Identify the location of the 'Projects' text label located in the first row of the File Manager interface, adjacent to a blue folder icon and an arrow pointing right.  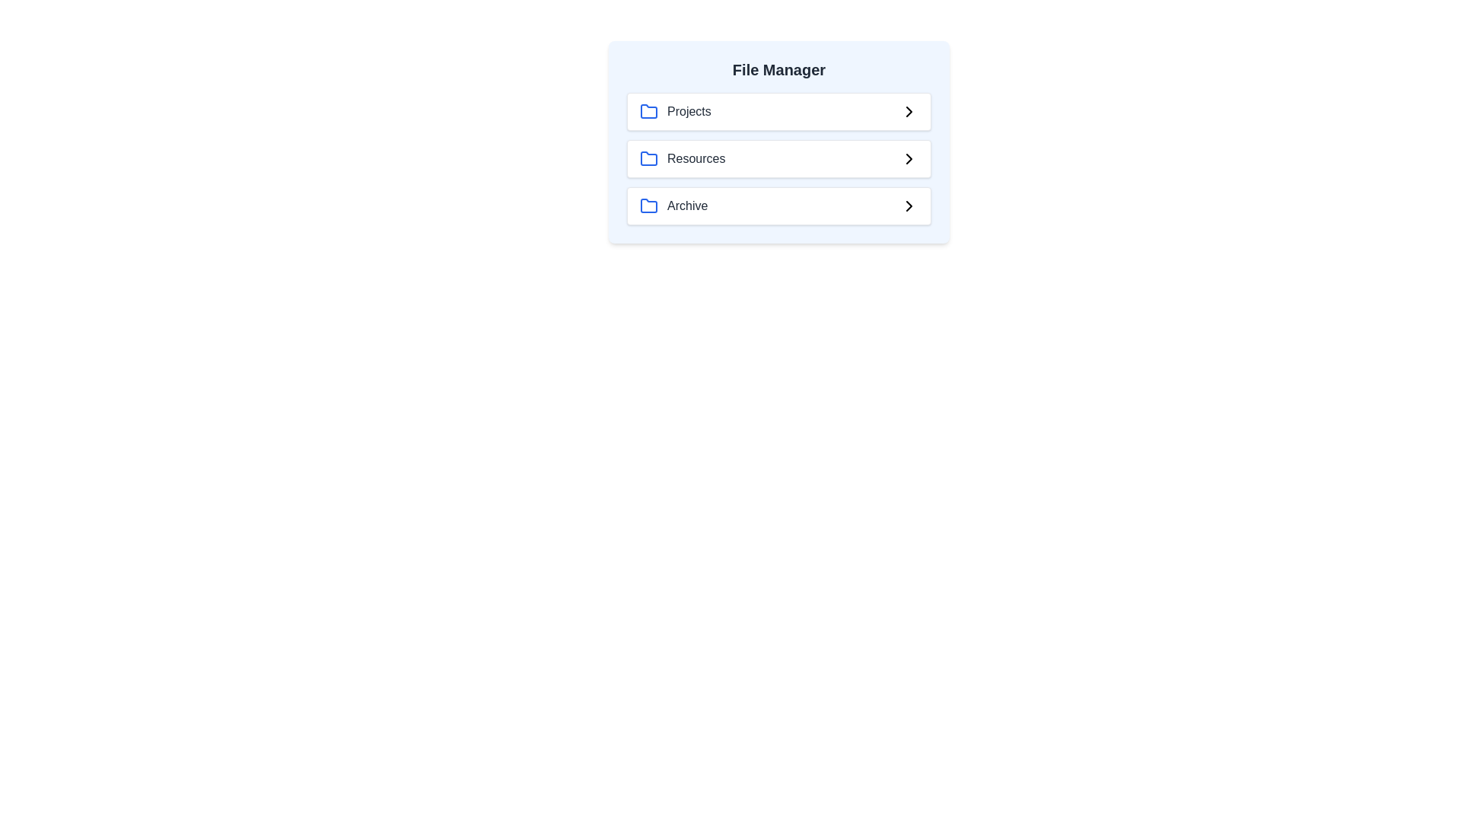
(688, 110).